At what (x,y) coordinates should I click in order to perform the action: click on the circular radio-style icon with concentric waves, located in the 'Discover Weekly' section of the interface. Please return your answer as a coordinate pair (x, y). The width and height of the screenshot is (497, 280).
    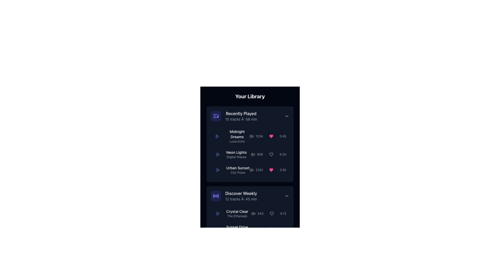
    Looking at the image, I should click on (216, 196).